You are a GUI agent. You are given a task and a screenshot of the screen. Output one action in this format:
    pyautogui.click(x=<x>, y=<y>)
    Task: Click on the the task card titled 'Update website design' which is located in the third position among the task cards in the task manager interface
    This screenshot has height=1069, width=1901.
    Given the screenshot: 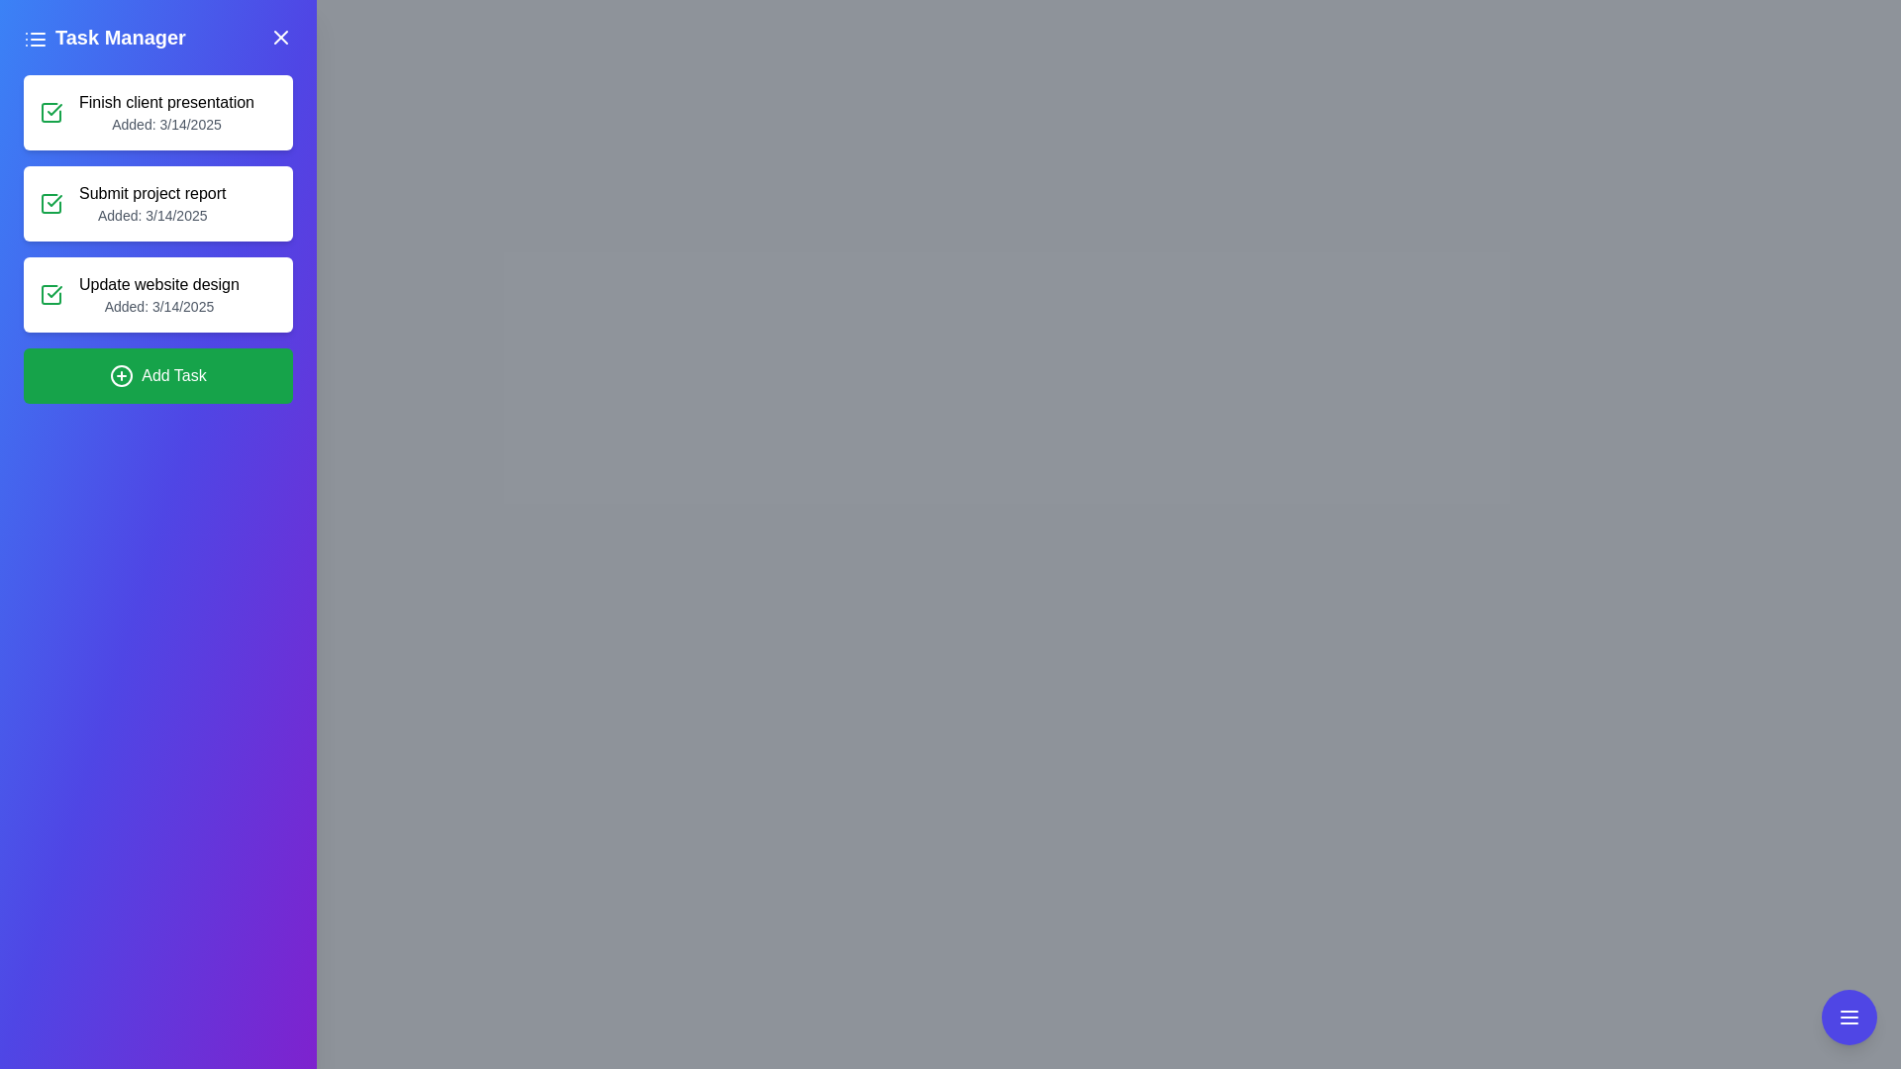 What is the action you would take?
    pyautogui.click(x=156, y=294)
    